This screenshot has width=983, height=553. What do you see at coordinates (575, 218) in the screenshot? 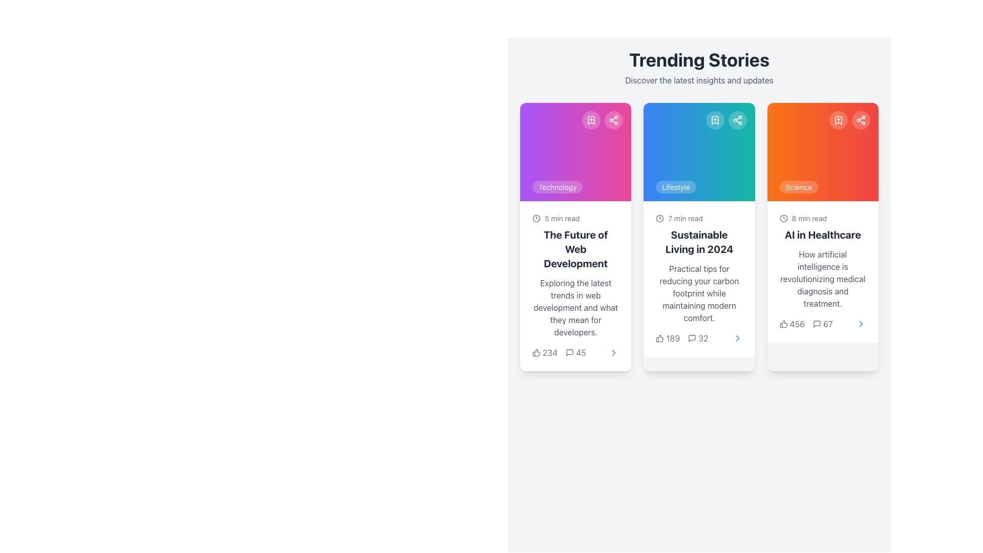
I see `the text and clock icon indicating '5 min read' located at the top of the article card for 'The Future of Web Development'` at bounding box center [575, 218].